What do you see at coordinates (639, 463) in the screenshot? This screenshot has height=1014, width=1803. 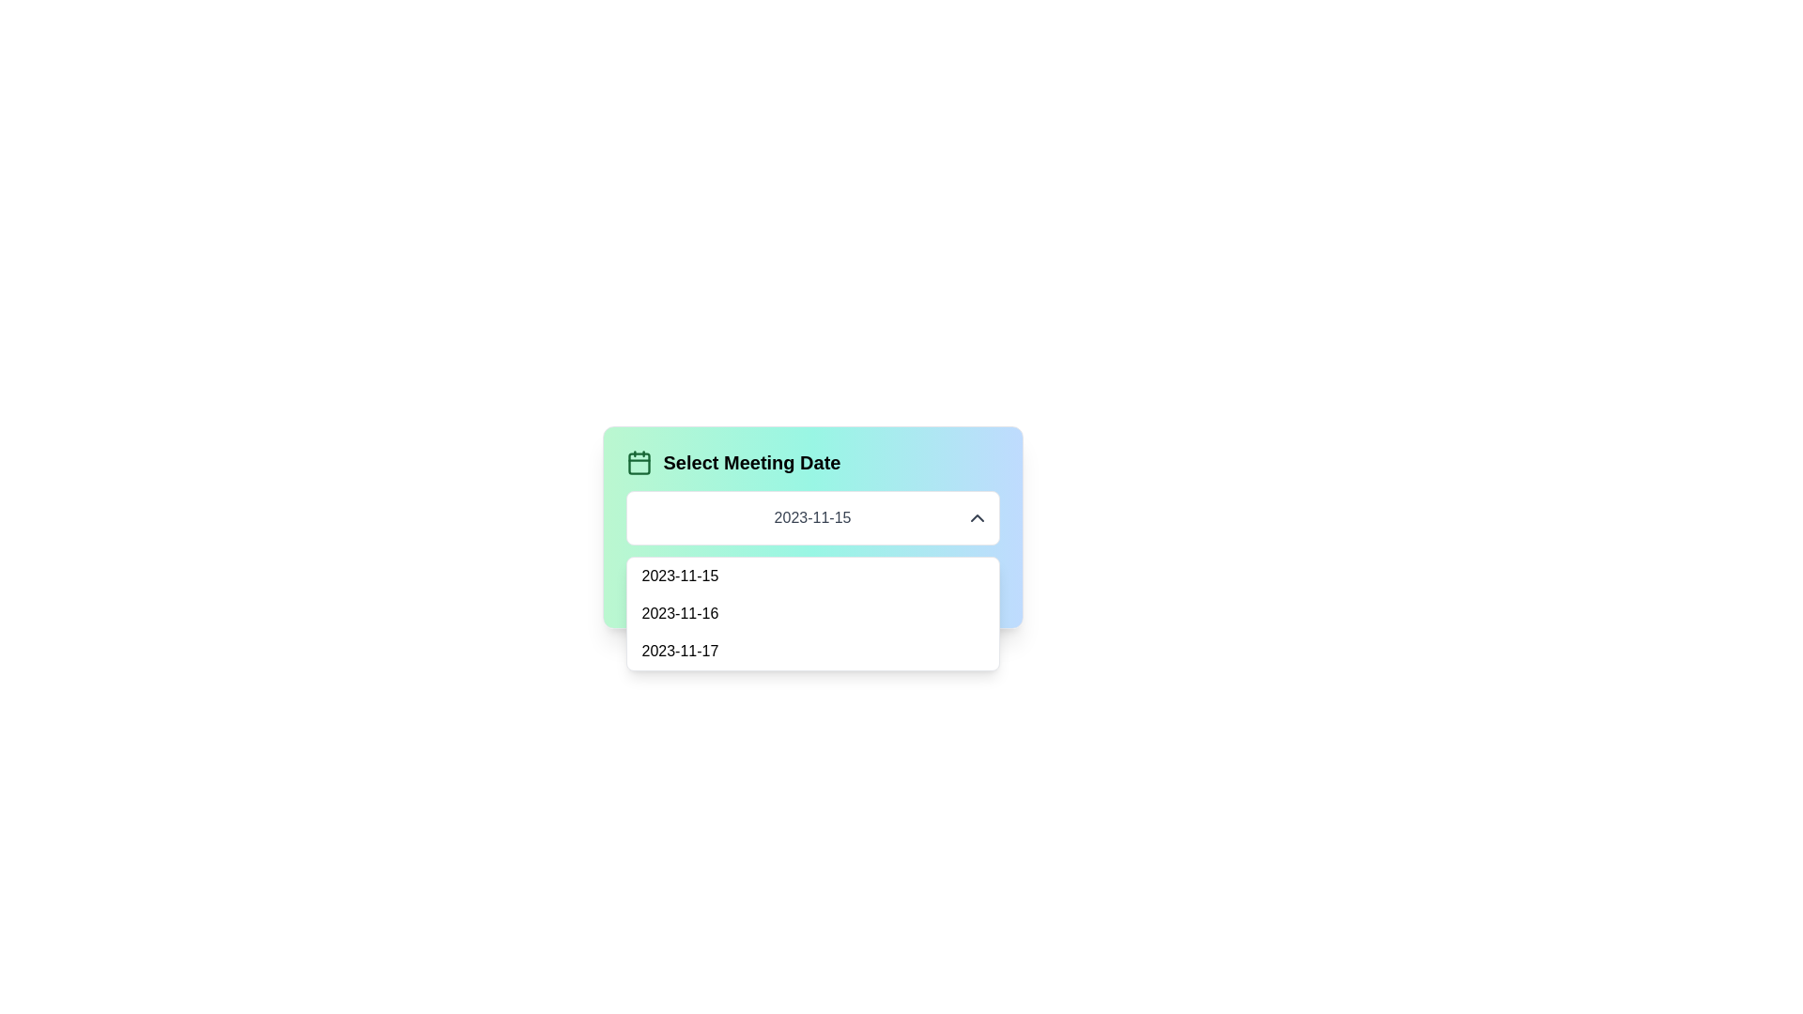 I see `the calendar icon with green outlines, located to the left of the text 'Select Meeting Date'` at bounding box center [639, 463].